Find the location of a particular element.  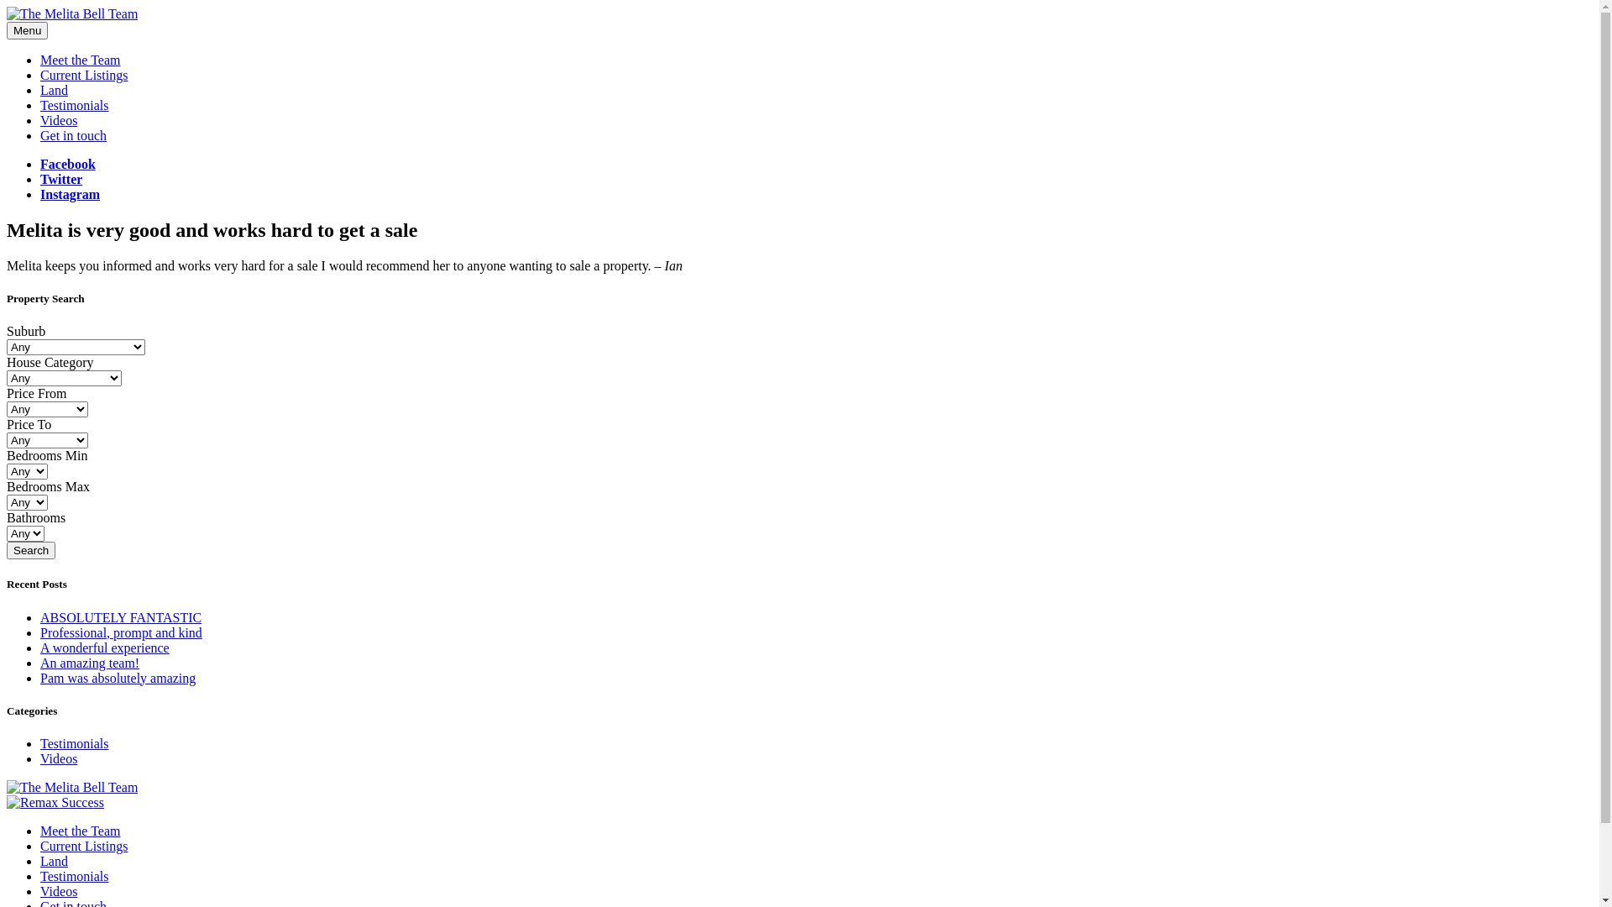

'Current Listings' is located at coordinates (83, 74).